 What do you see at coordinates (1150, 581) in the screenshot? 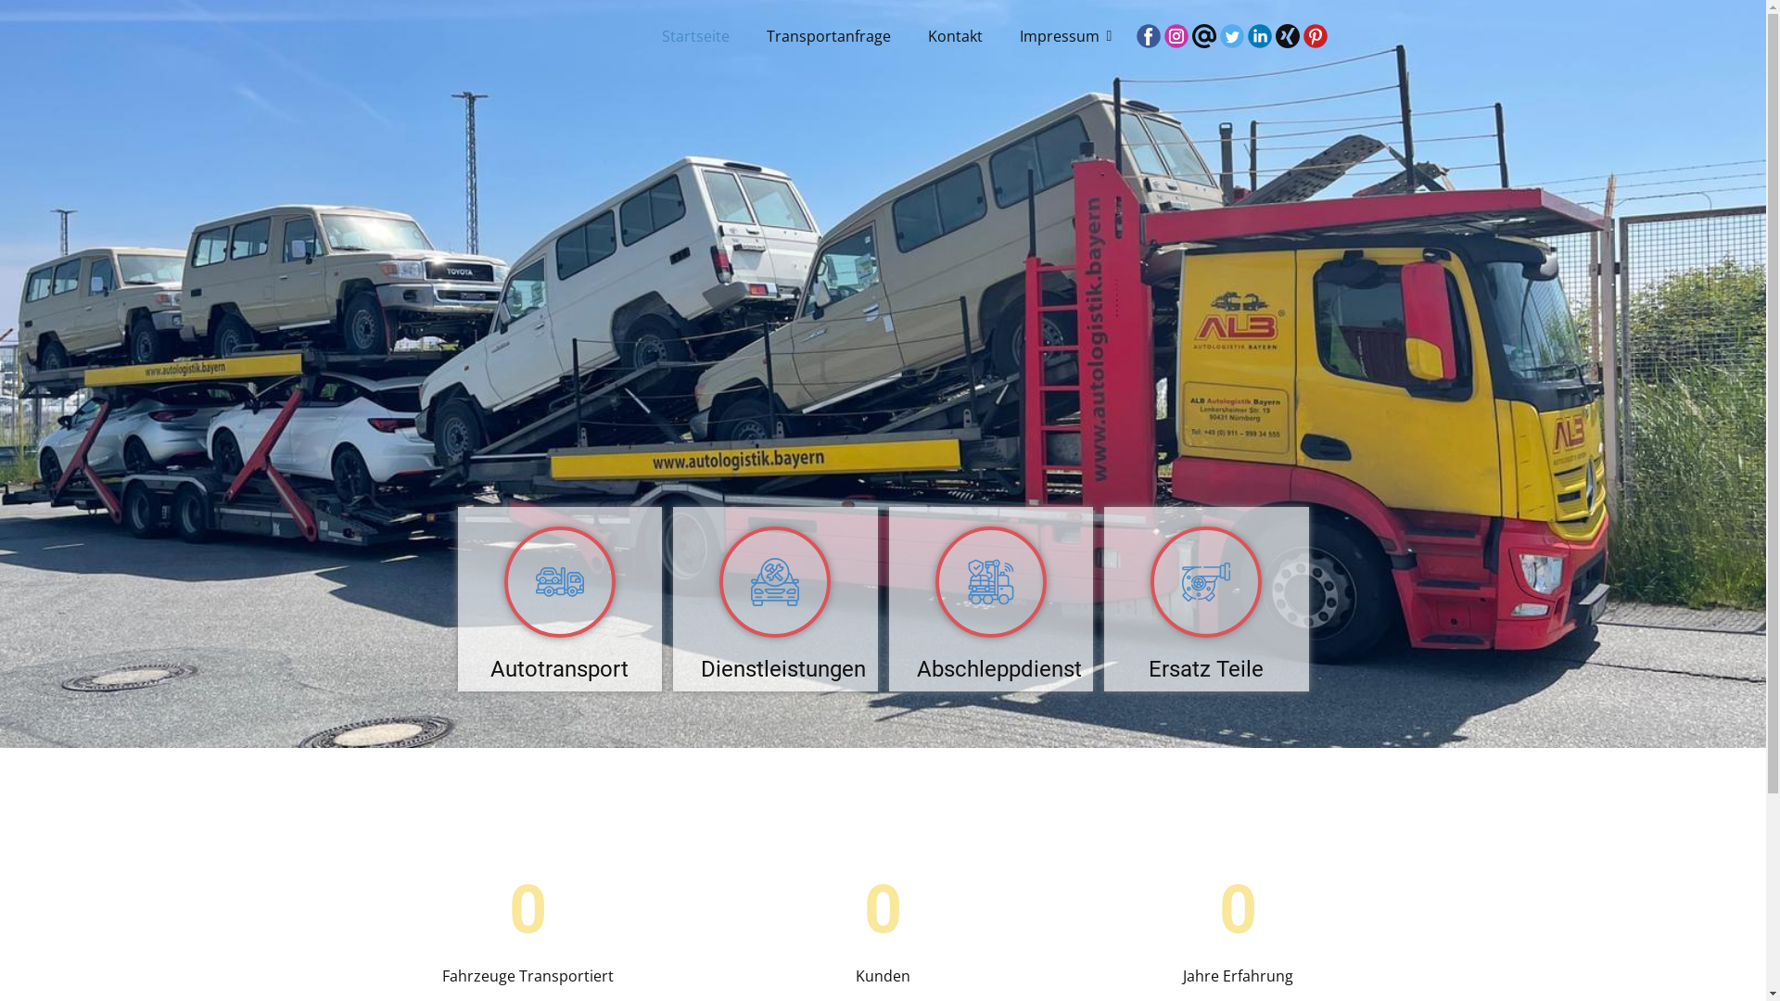
I see `'KFZ Ersatzteile'` at bounding box center [1150, 581].